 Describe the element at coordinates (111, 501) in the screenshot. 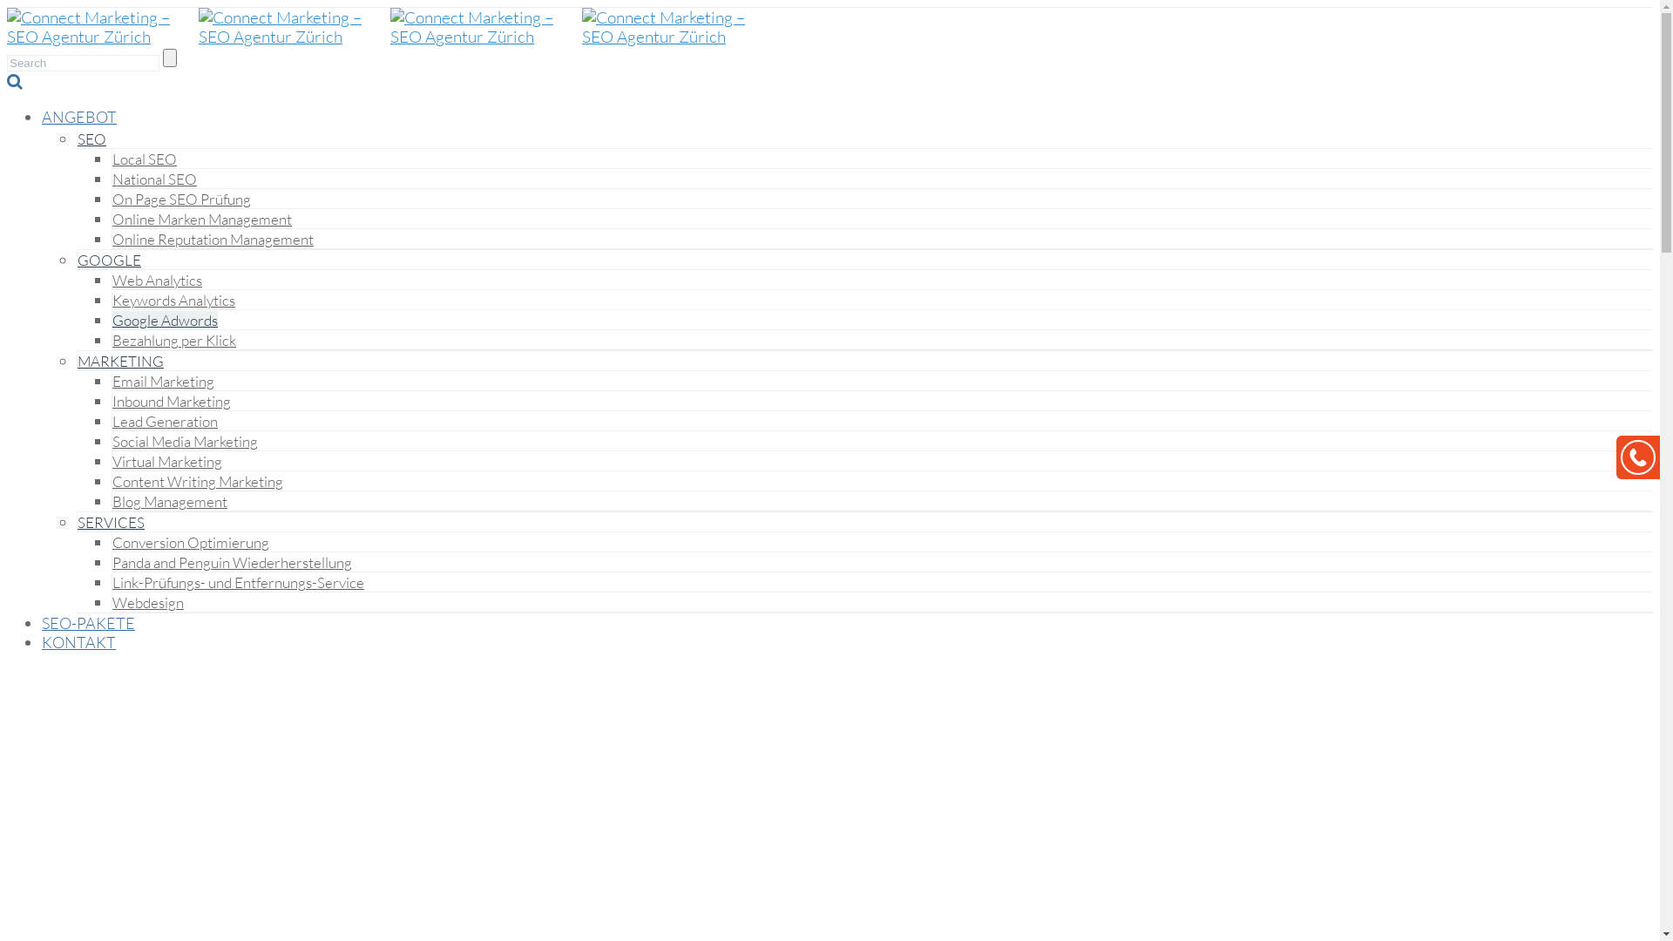

I see `'Blog Management'` at that location.